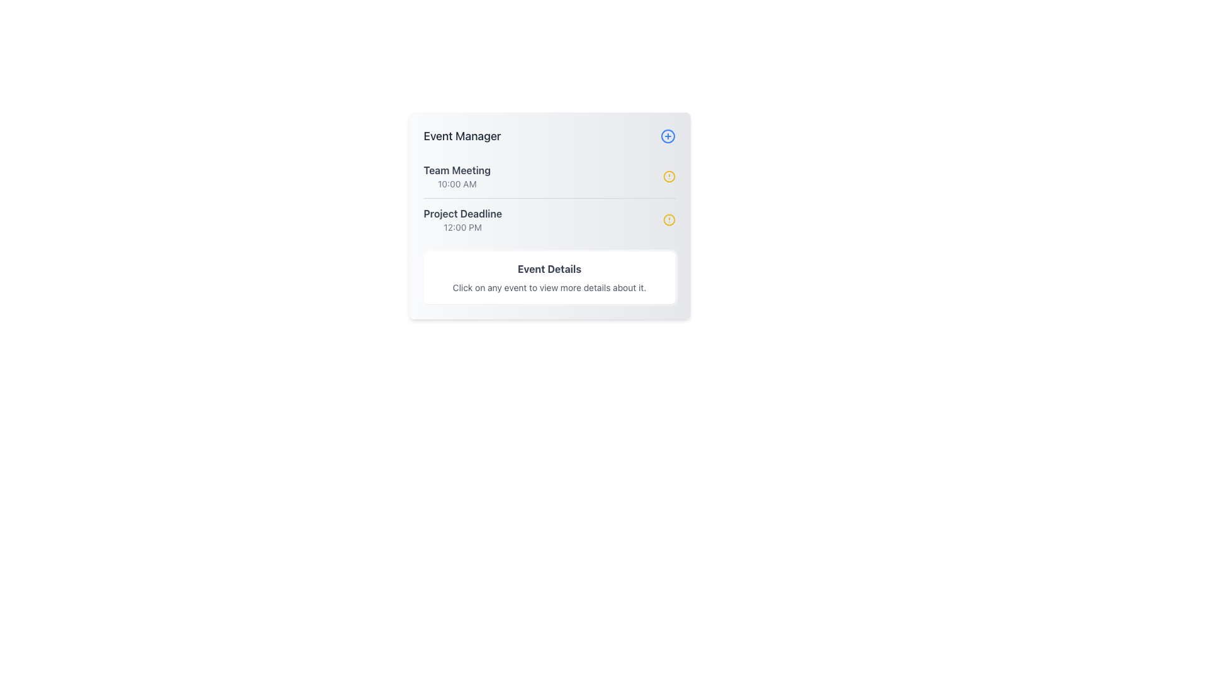  Describe the element at coordinates (668, 177) in the screenshot. I see `the Visual indication icon next to the 'Team Meeting 10:00 AM' text` at that location.